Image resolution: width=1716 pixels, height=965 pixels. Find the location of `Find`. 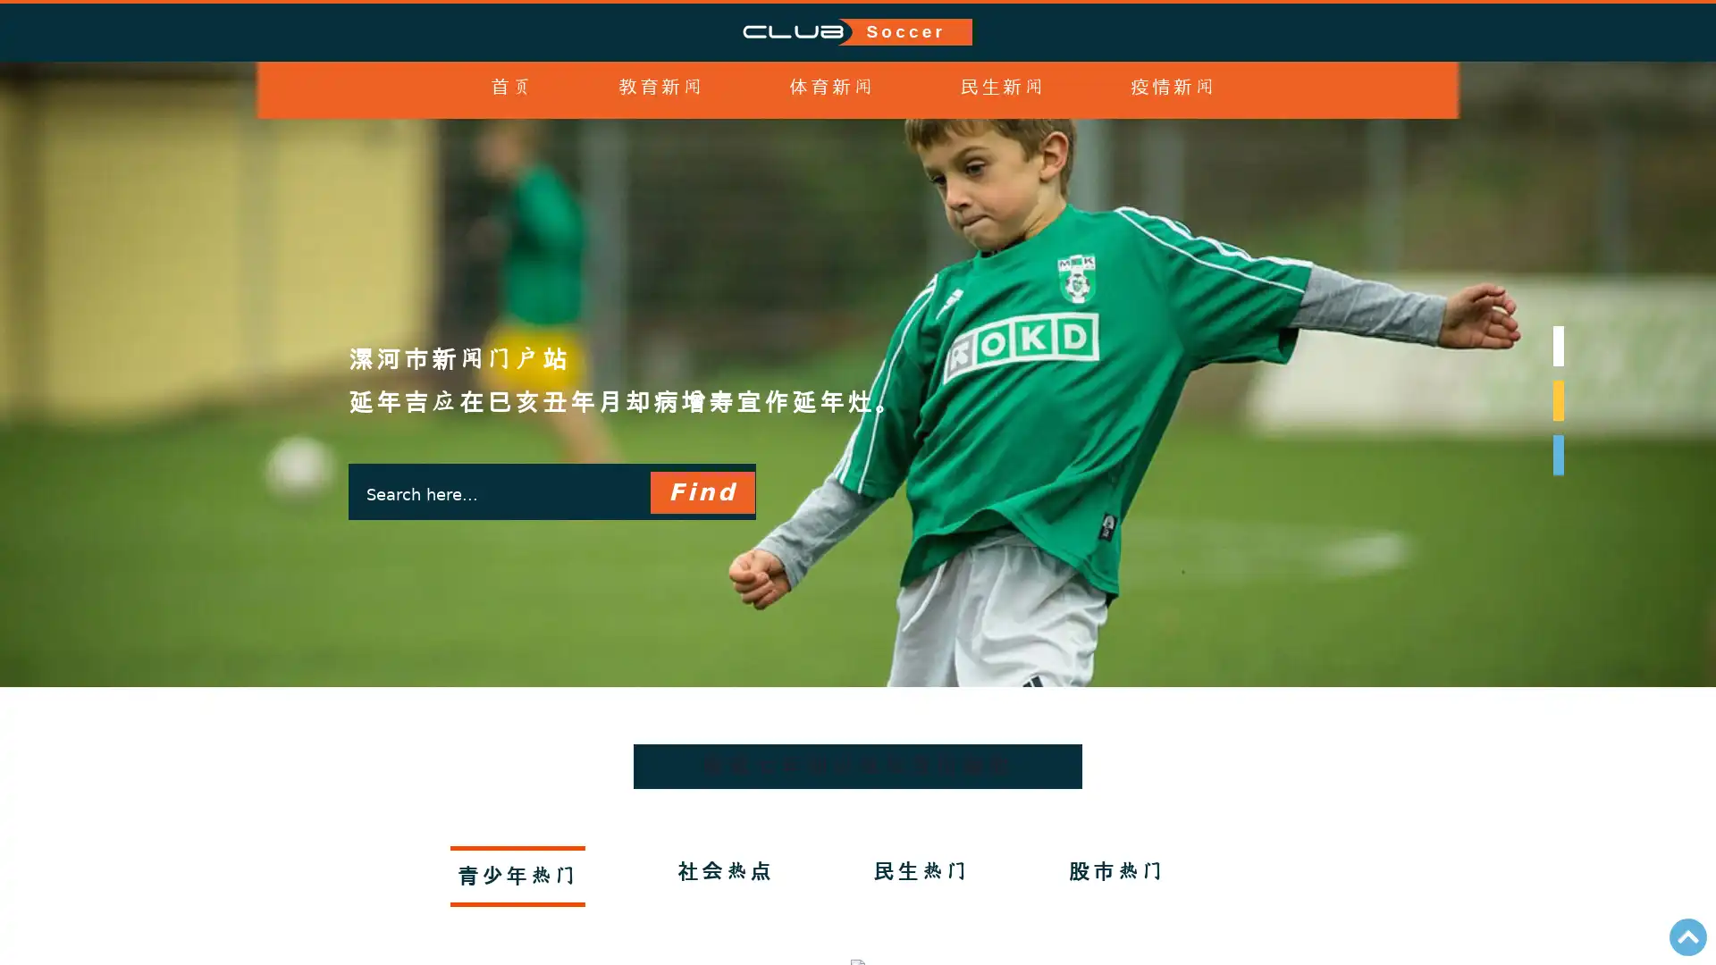

Find is located at coordinates (701, 525).